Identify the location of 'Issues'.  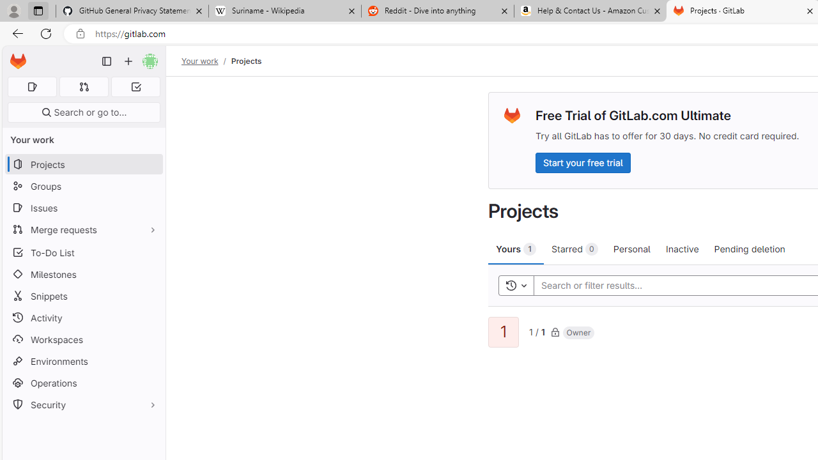
(83, 207).